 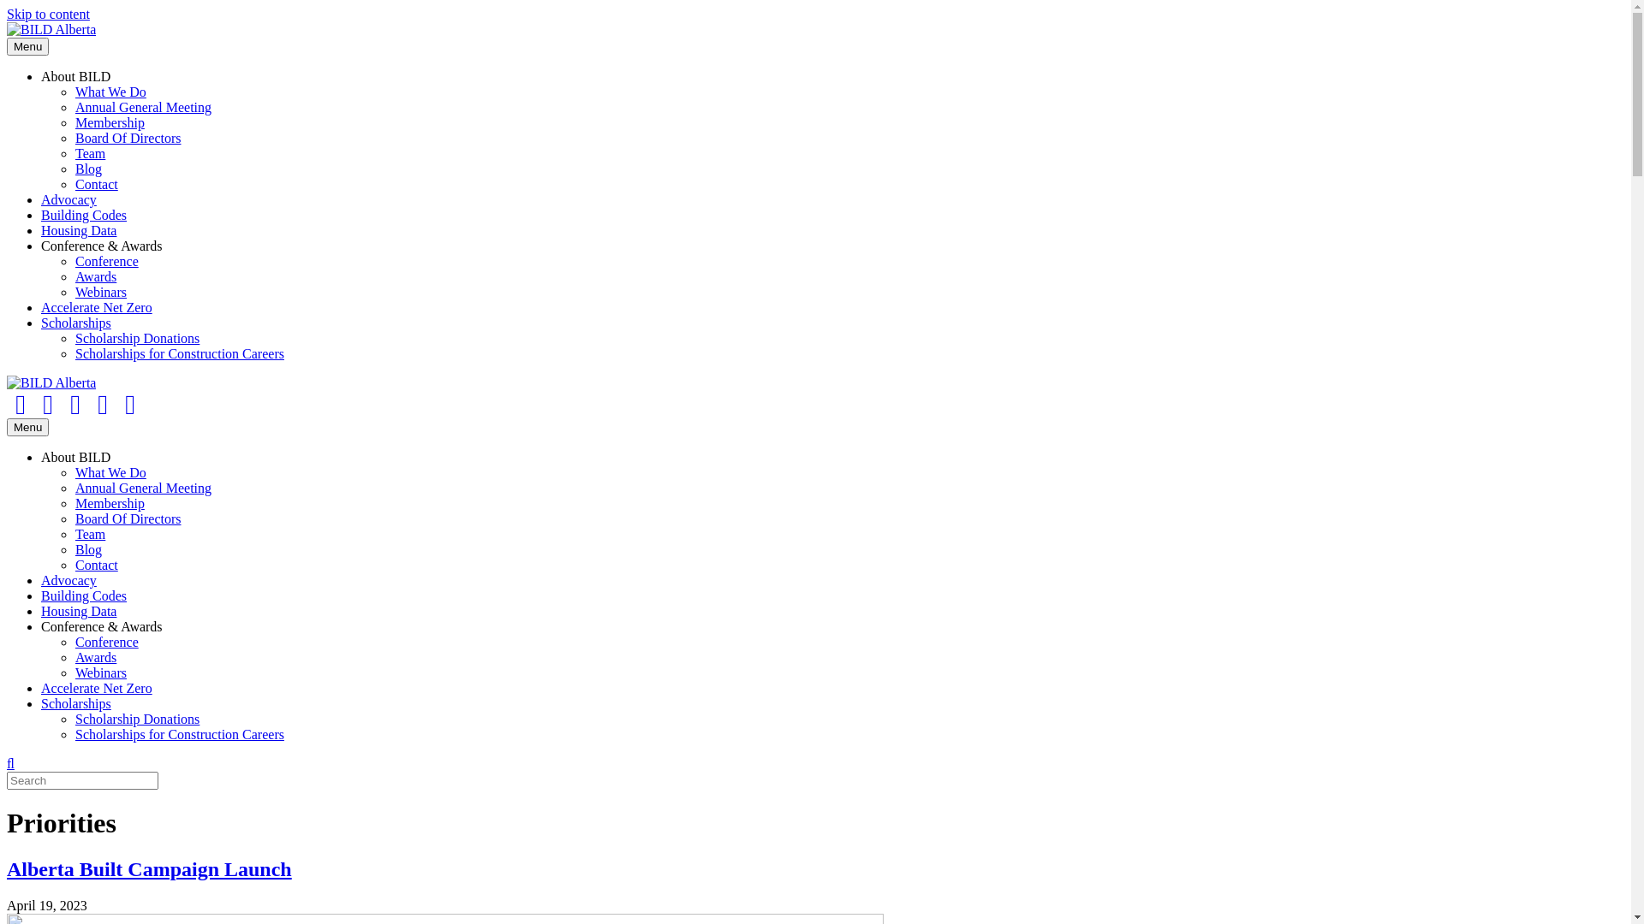 I want to click on 'Membership', so click(x=109, y=502).